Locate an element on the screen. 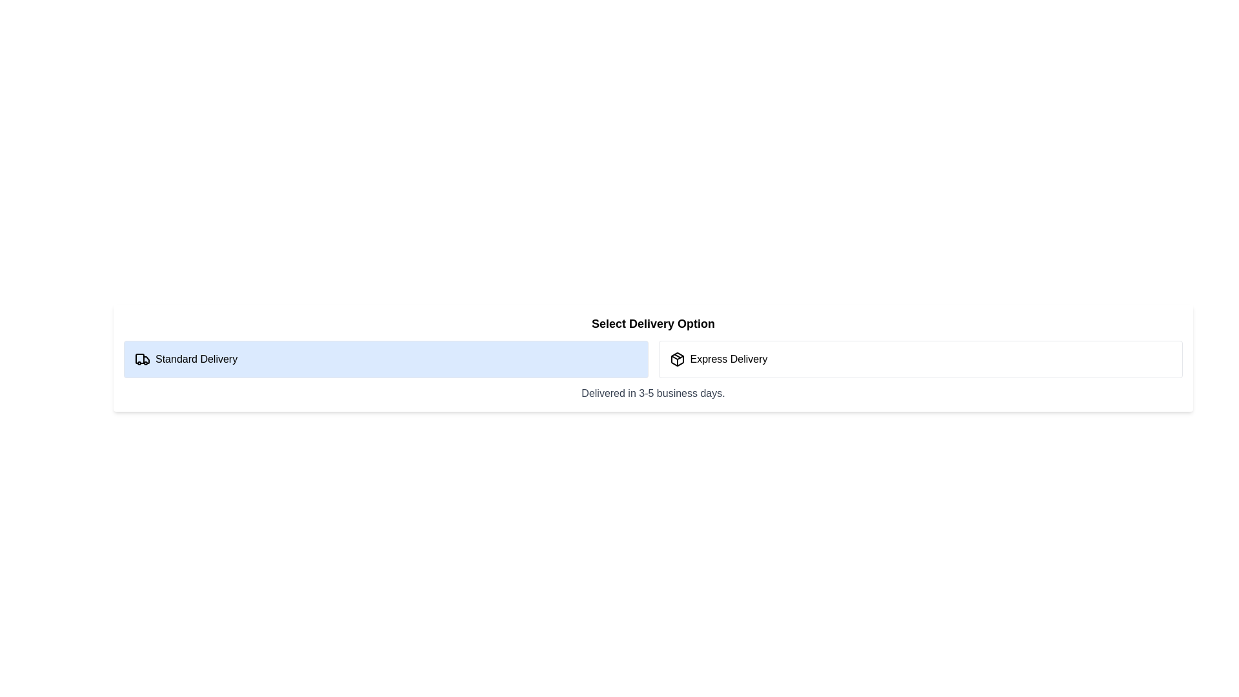 The width and height of the screenshot is (1239, 697). the 'Express Delivery' icon, which is positioned at the leftmost side of the delivery options group, to visually identify the selection is located at coordinates (676, 359).